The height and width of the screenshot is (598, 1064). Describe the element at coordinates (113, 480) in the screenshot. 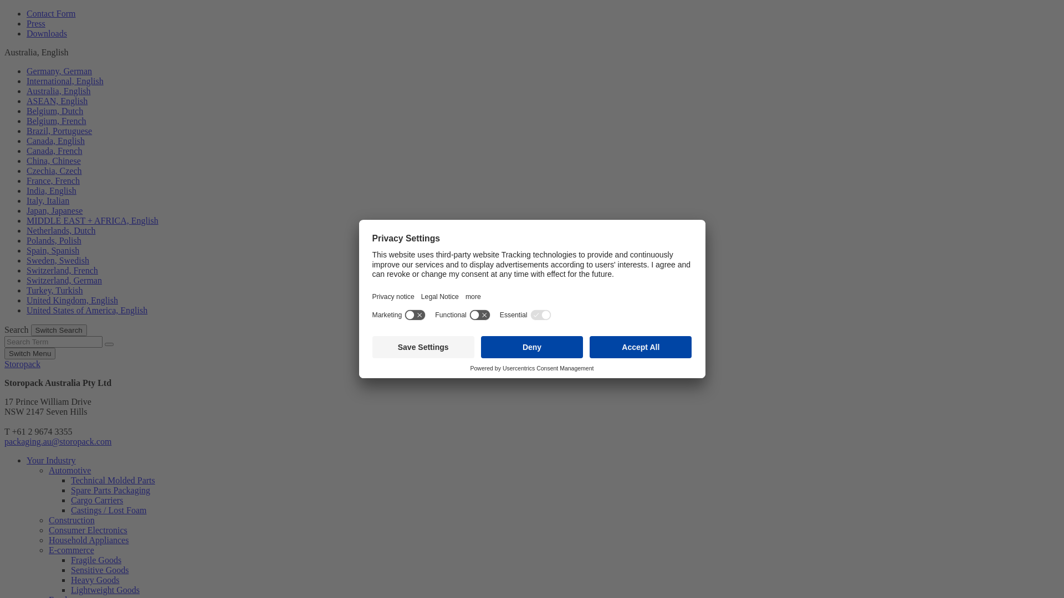

I see `'Technical Molded Parts'` at that location.